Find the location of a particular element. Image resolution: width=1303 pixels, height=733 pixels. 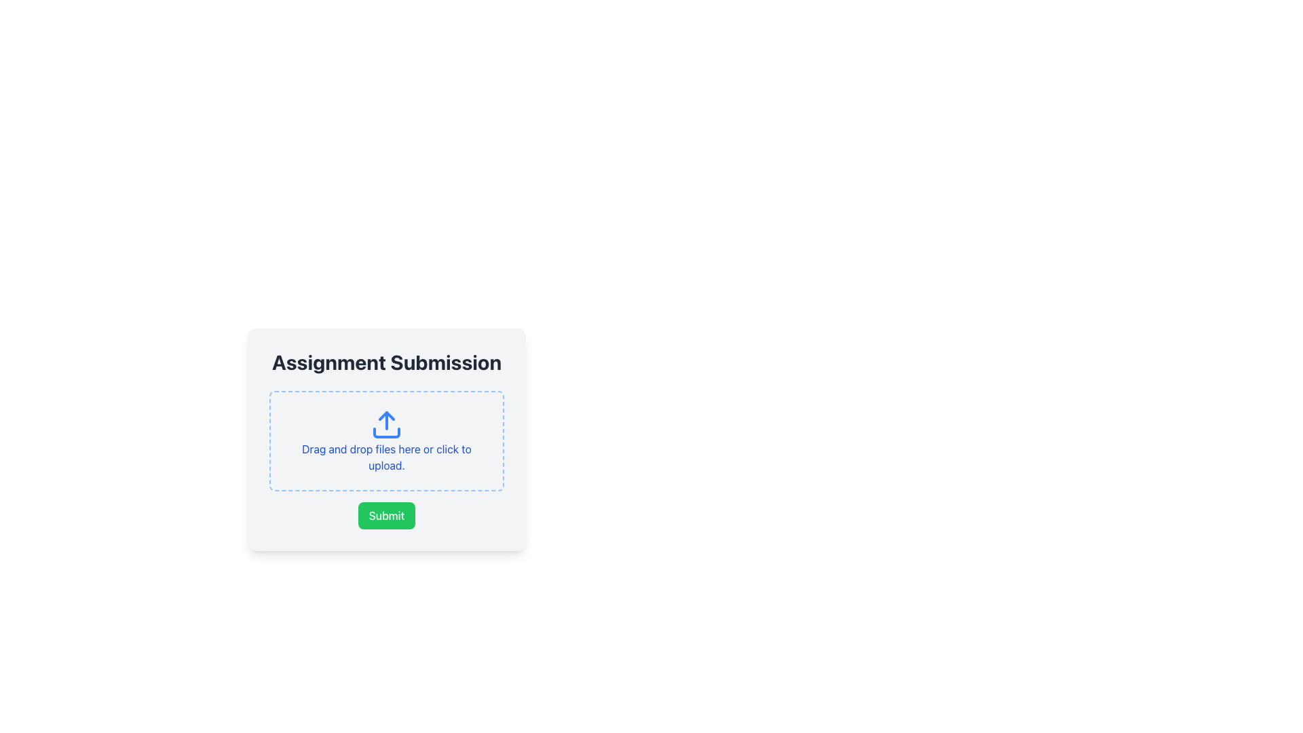

the upward-pointing arrowhead icon with a blue stroke color, located at the top-center of the upload icon is located at coordinates (386, 415).